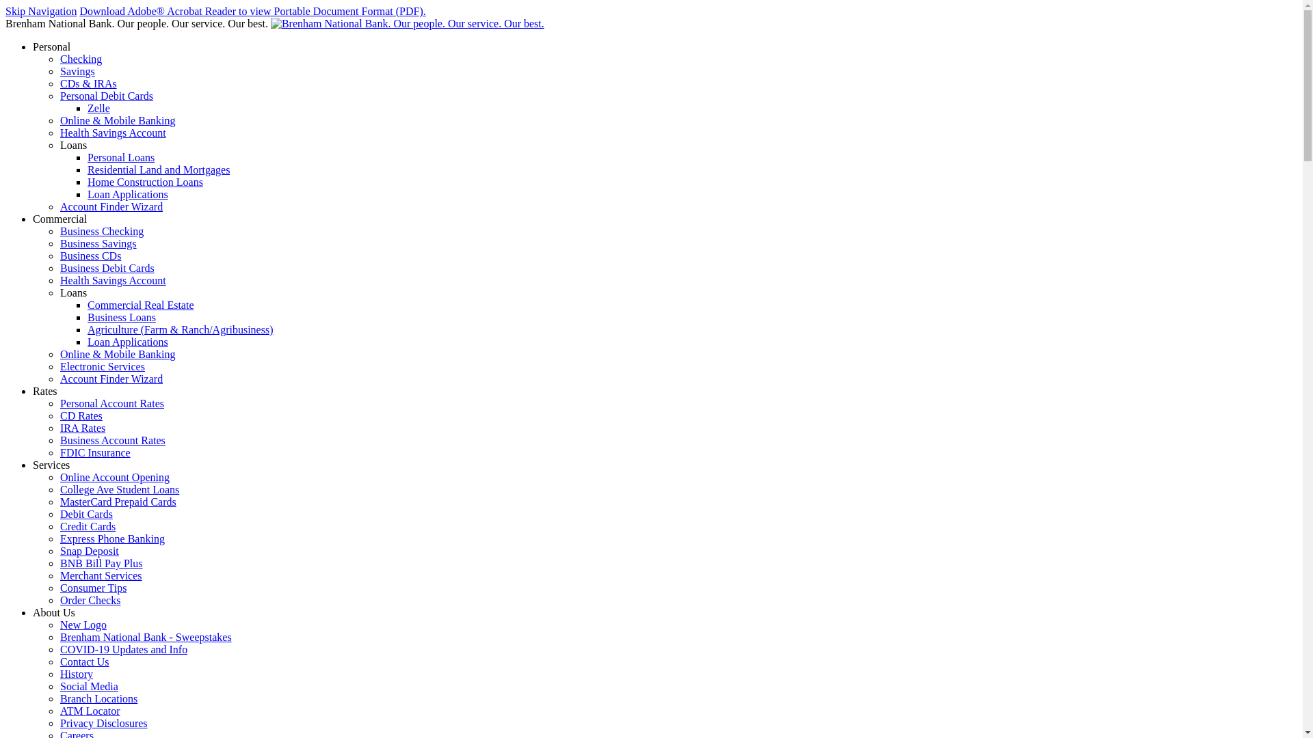  What do you see at coordinates (90, 256) in the screenshot?
I see `'Business CDs'` at bounding box center [90, 256].